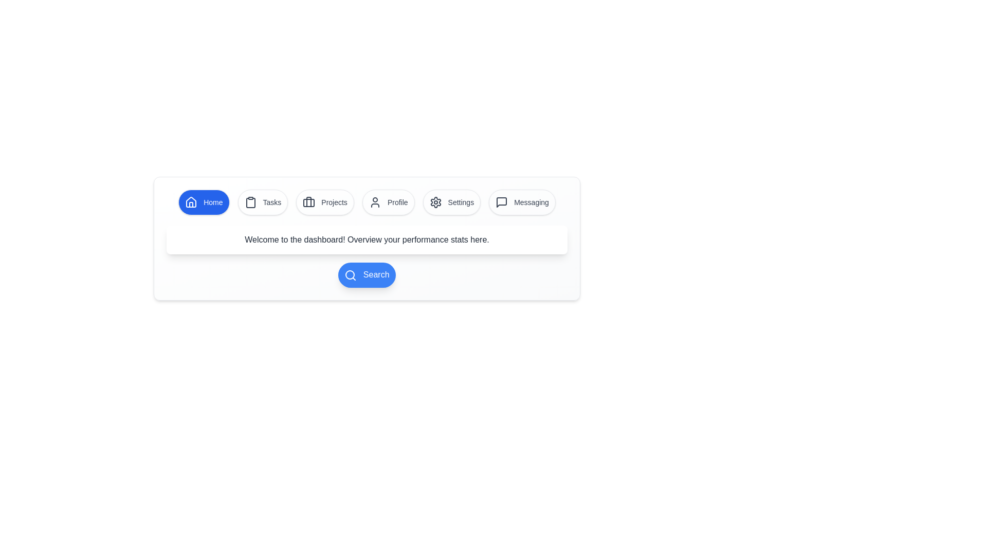 Image resolution: width=987 pixels, height=555 pixels. Describe the element at coordinates (397, 202) in the screenshot. I see `the text label displaying 'Profile' which is part of a button-like structure located between 'Projects' and 'Settings'` at that location.